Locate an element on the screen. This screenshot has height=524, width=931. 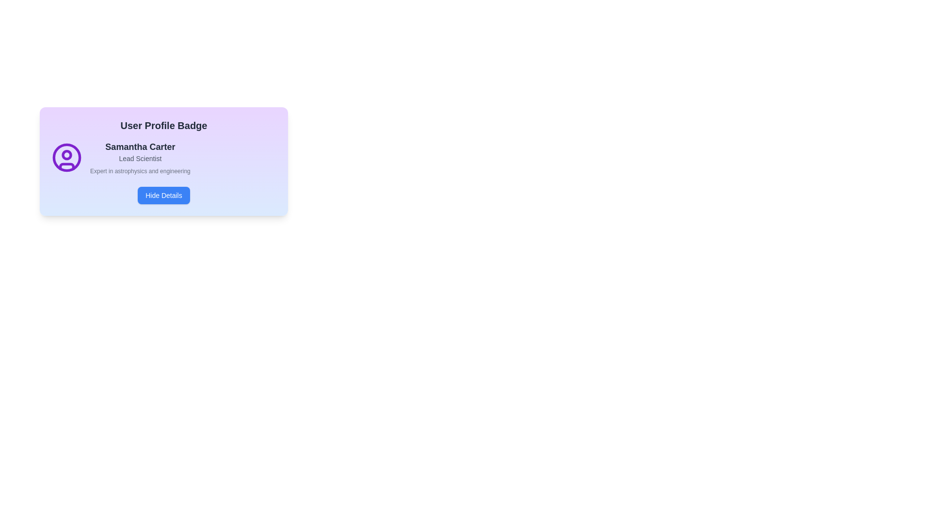
the small purple circle inside the user profile icon located to the left of the text content is located at coordinates (66, 154).